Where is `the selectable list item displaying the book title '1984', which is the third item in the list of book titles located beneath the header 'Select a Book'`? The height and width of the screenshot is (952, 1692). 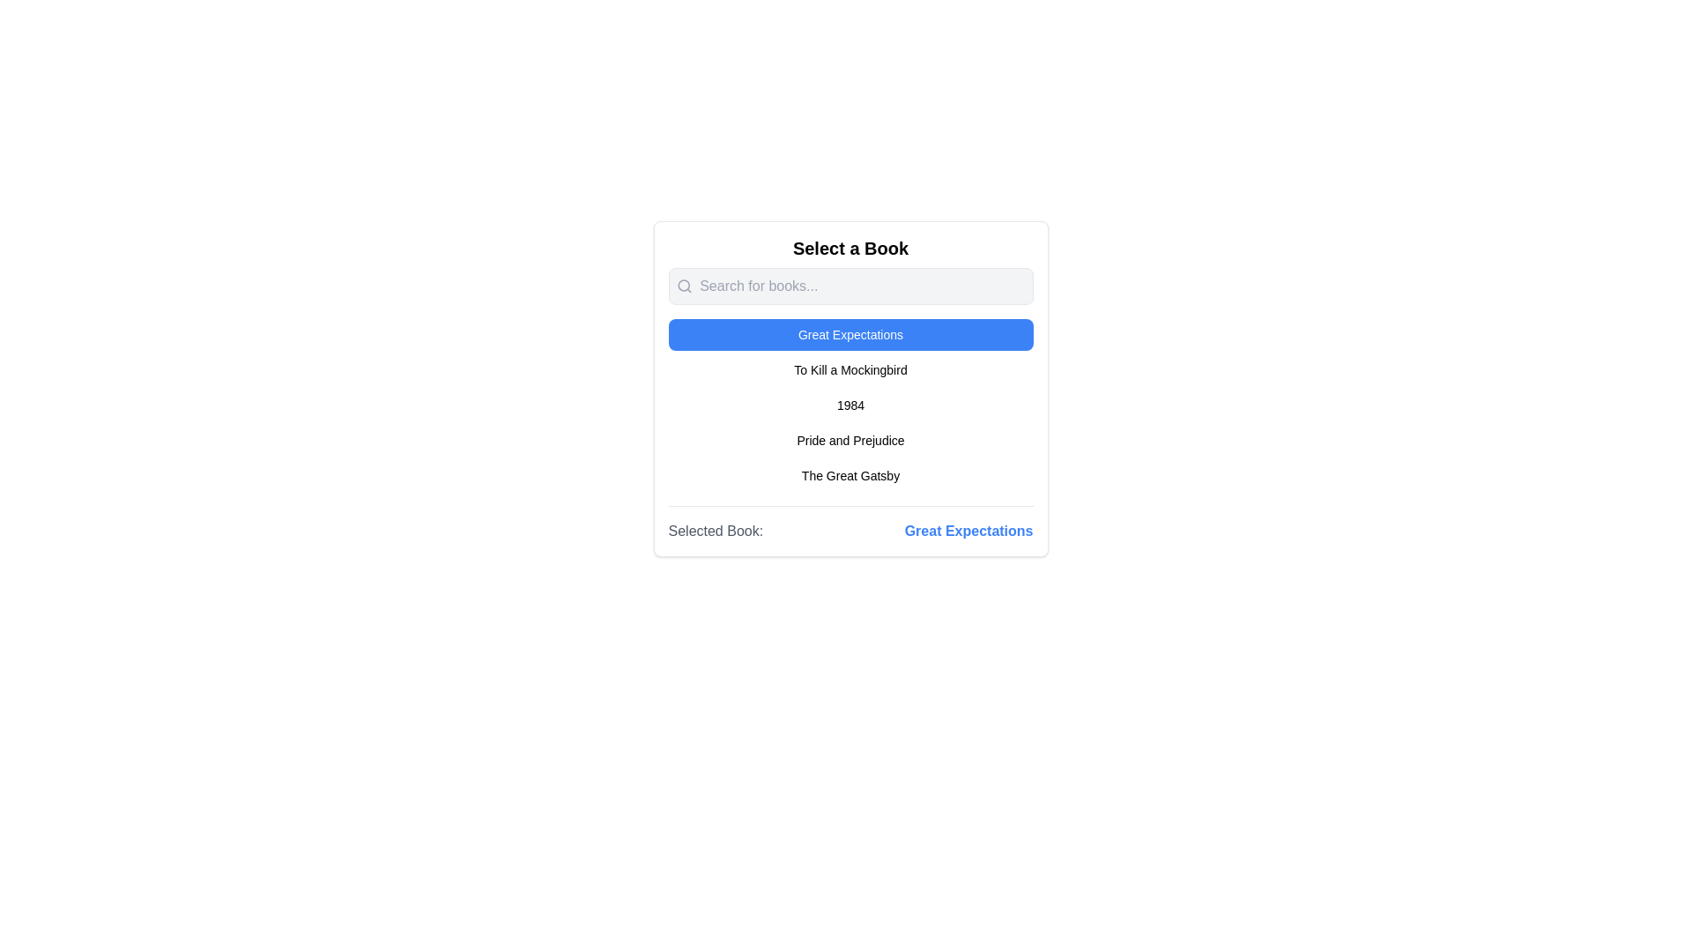 the selectable list item displaying the book title '1984', which is the third item in the list of book titles located beneath the header 'Select a Book' is located at coordinates (850, 405).